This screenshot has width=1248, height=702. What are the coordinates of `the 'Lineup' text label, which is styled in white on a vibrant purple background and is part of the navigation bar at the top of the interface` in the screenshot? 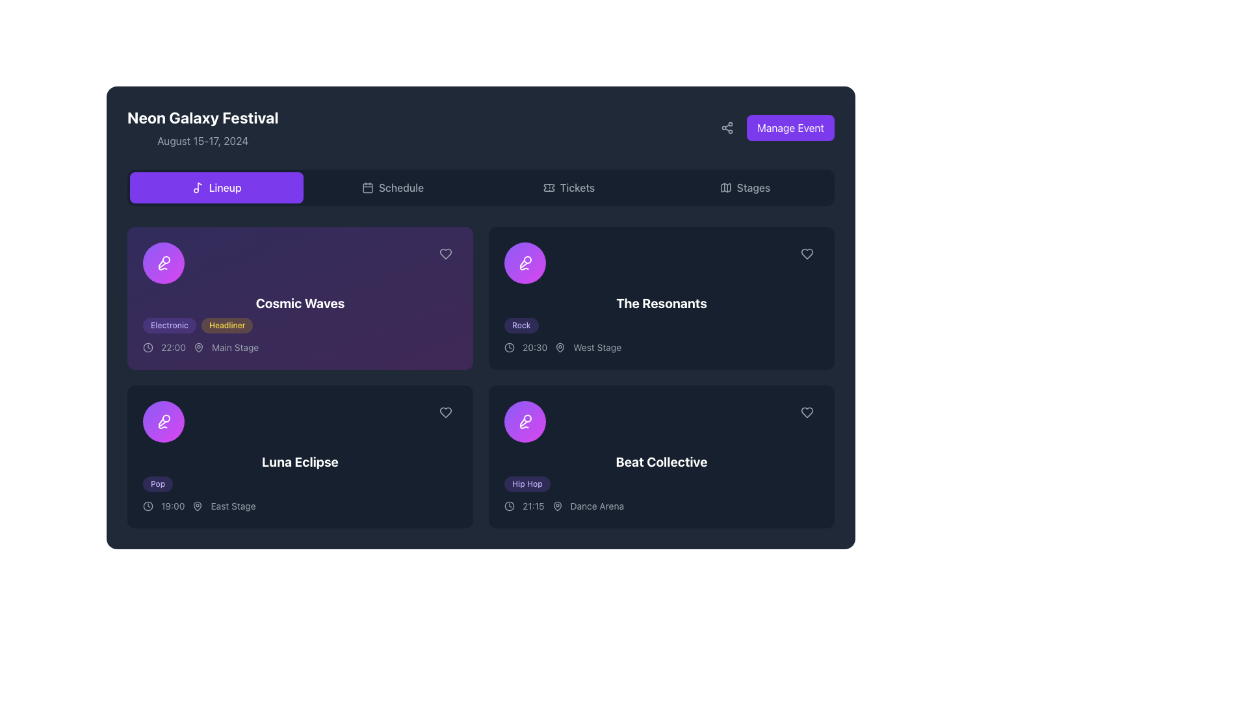 It's located at (225, 188).